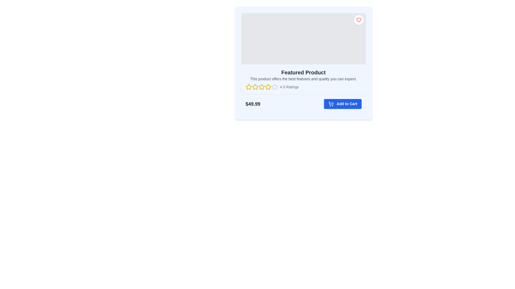 The width and height of the screenshot is (515, 289). What do you see at coordinates (248, 86) in the screenshot?
I see `the first yellow star rating icon located in the leftmost position of the rating row to set the rating` at bounding box center [248, 86].